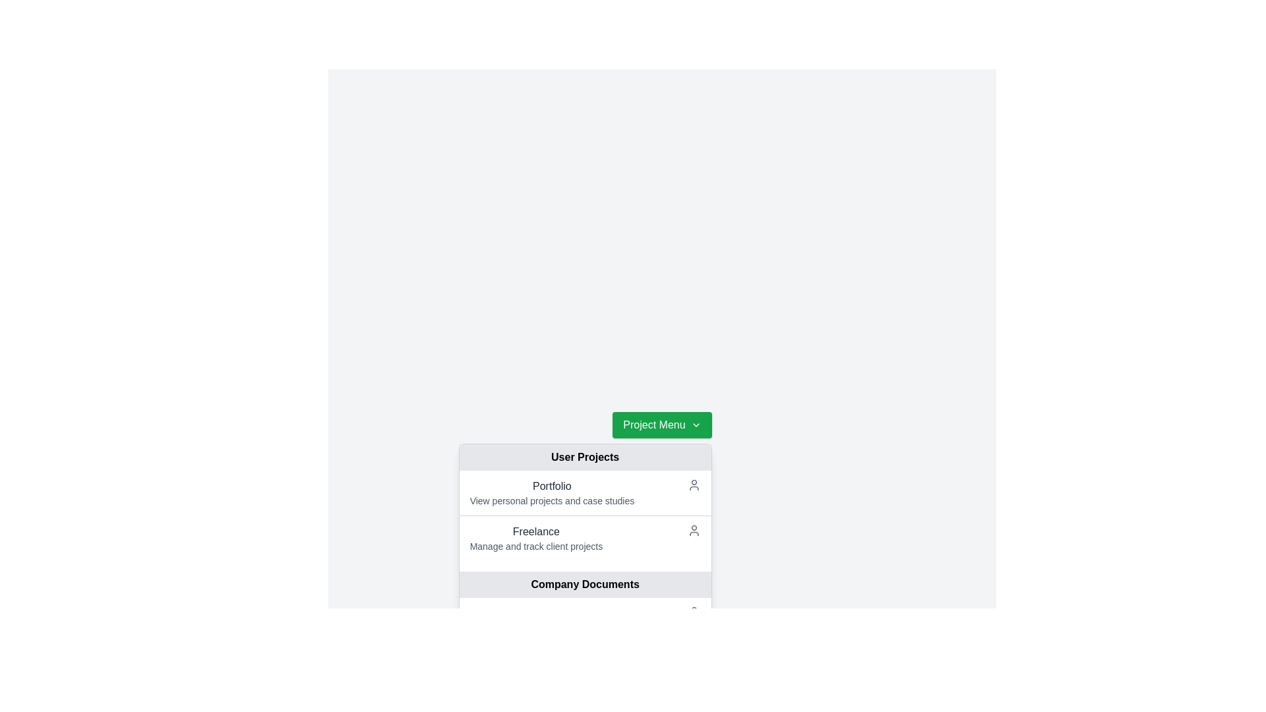  Describe the element at coordinates (584, 457) in the screenshot. I see `the Text label that serves as a section title, located beneath the 'Project Menu' green button, indicating the category of the subsequent content` at that location.